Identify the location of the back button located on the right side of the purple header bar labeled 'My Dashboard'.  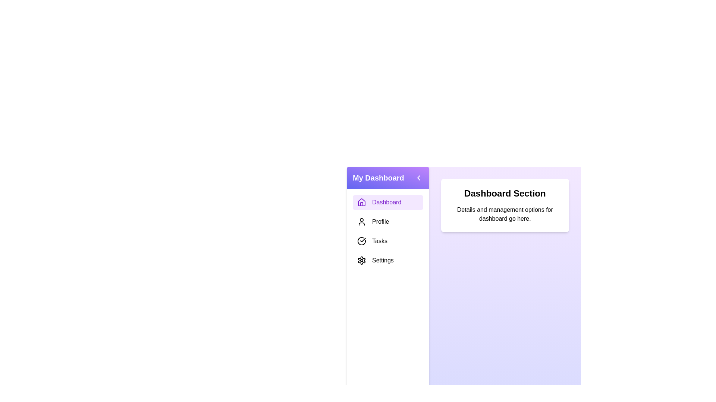
(418, 178).